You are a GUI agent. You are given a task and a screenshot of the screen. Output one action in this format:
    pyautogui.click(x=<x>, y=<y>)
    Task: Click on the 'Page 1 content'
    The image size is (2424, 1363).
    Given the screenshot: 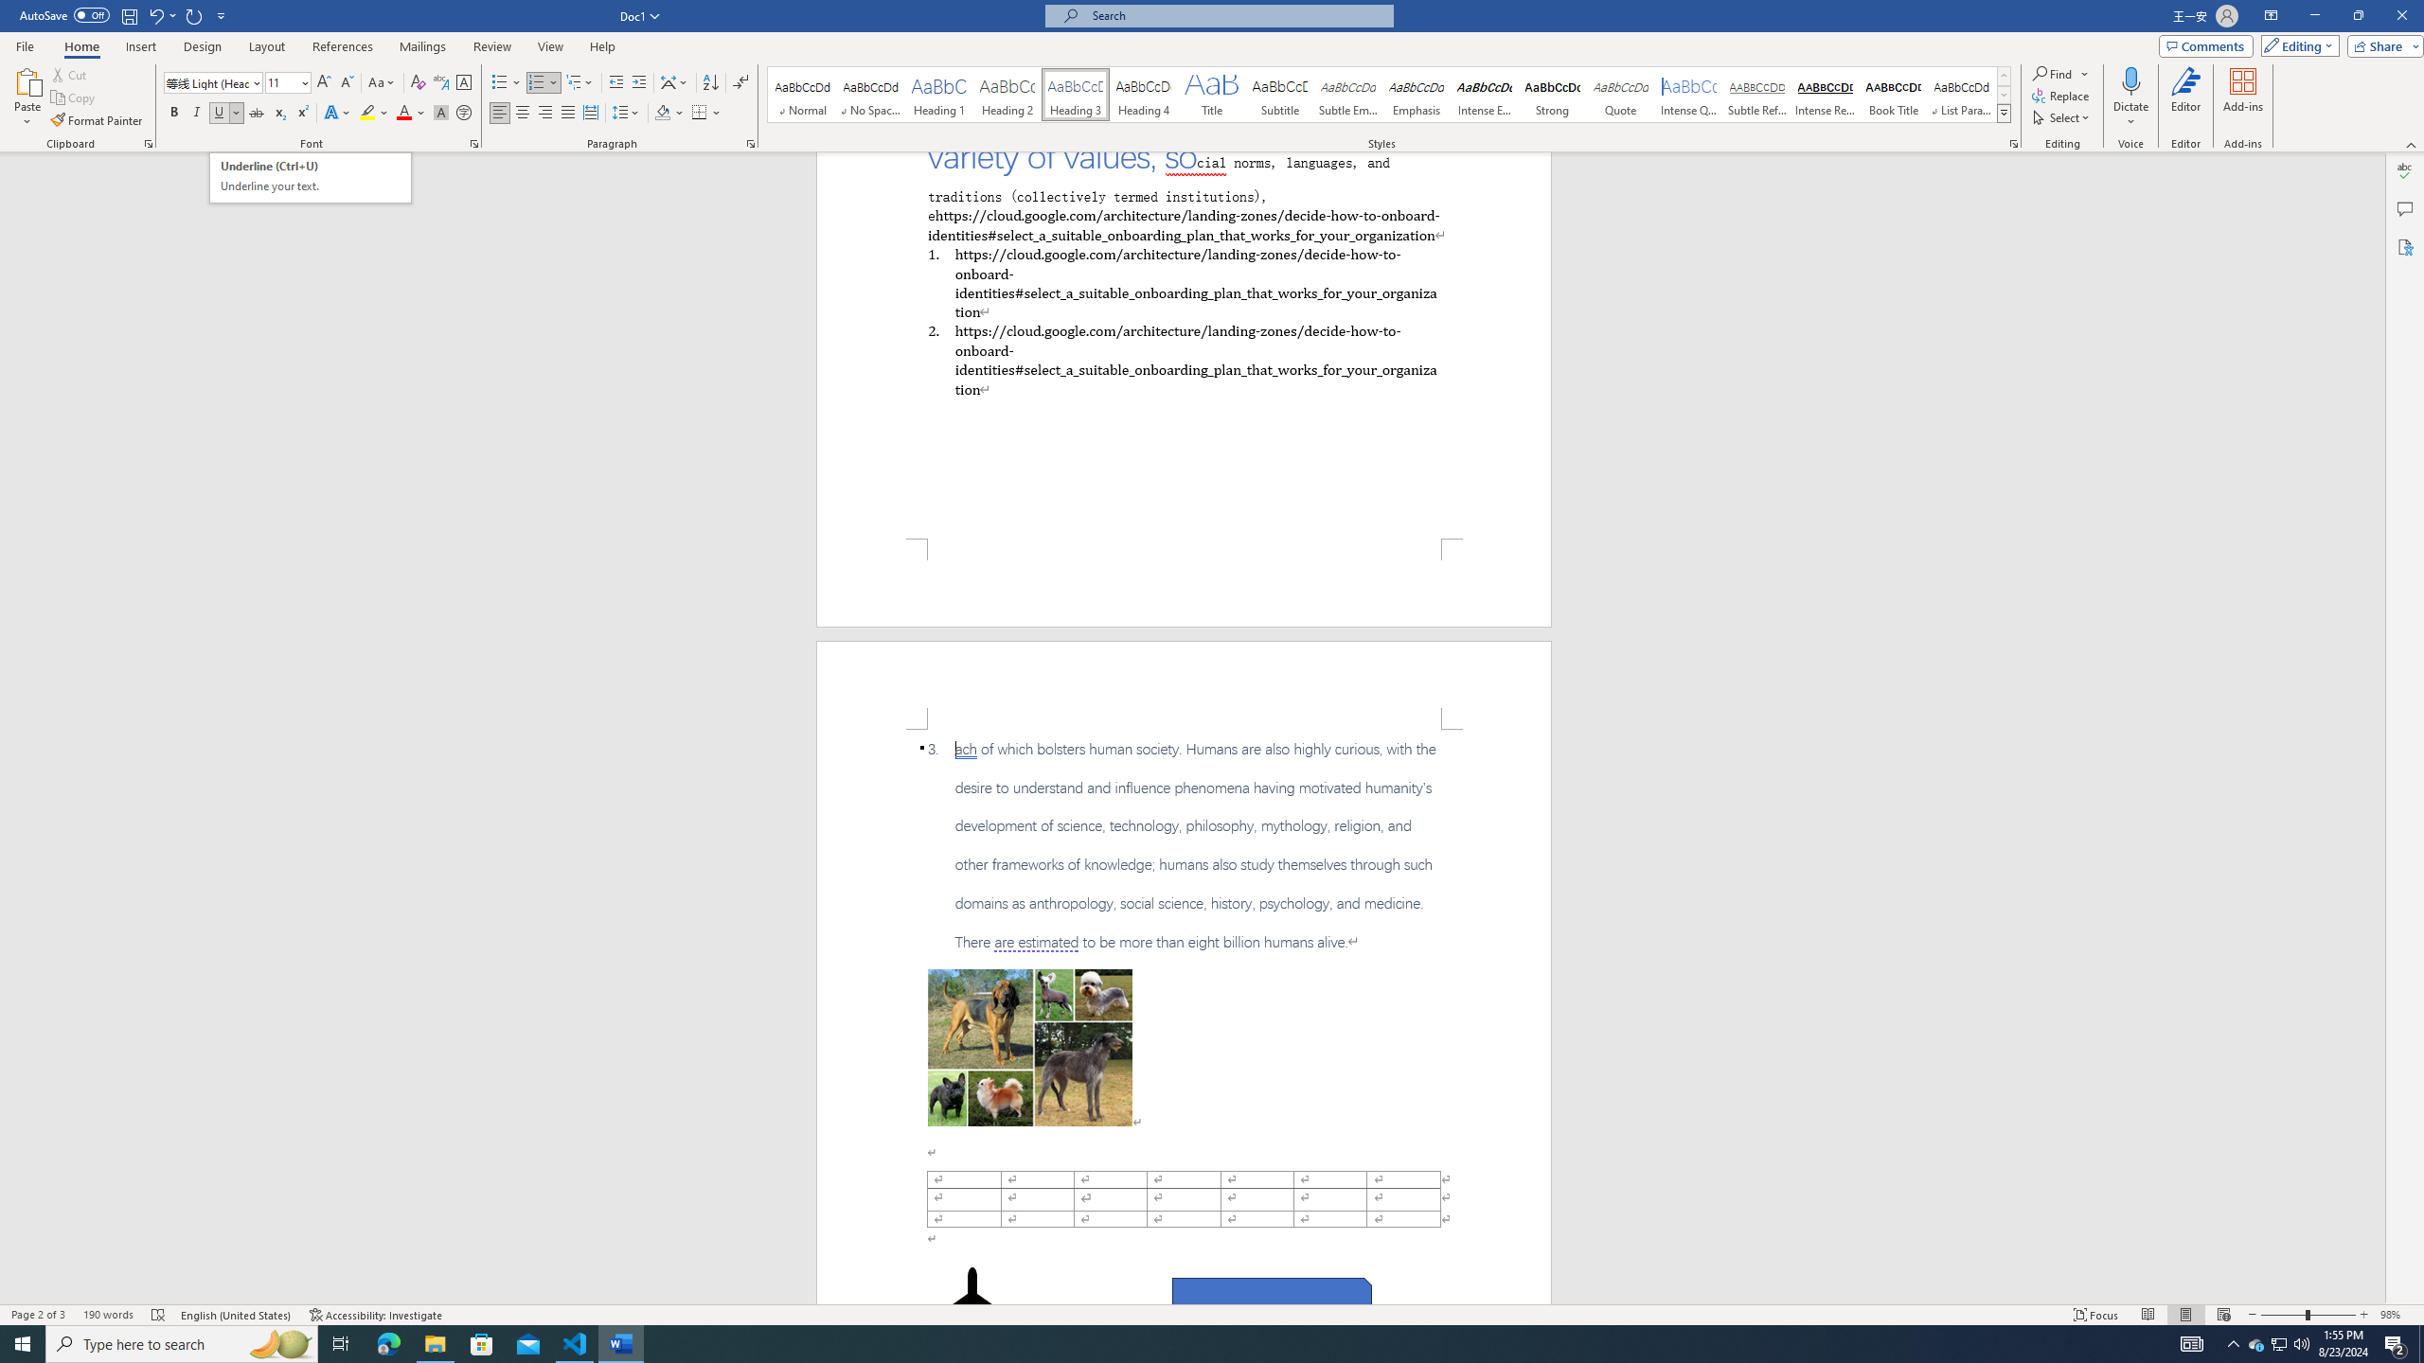 What is the action you would take?
    pyautogui.click(x=1184, y=345)
    